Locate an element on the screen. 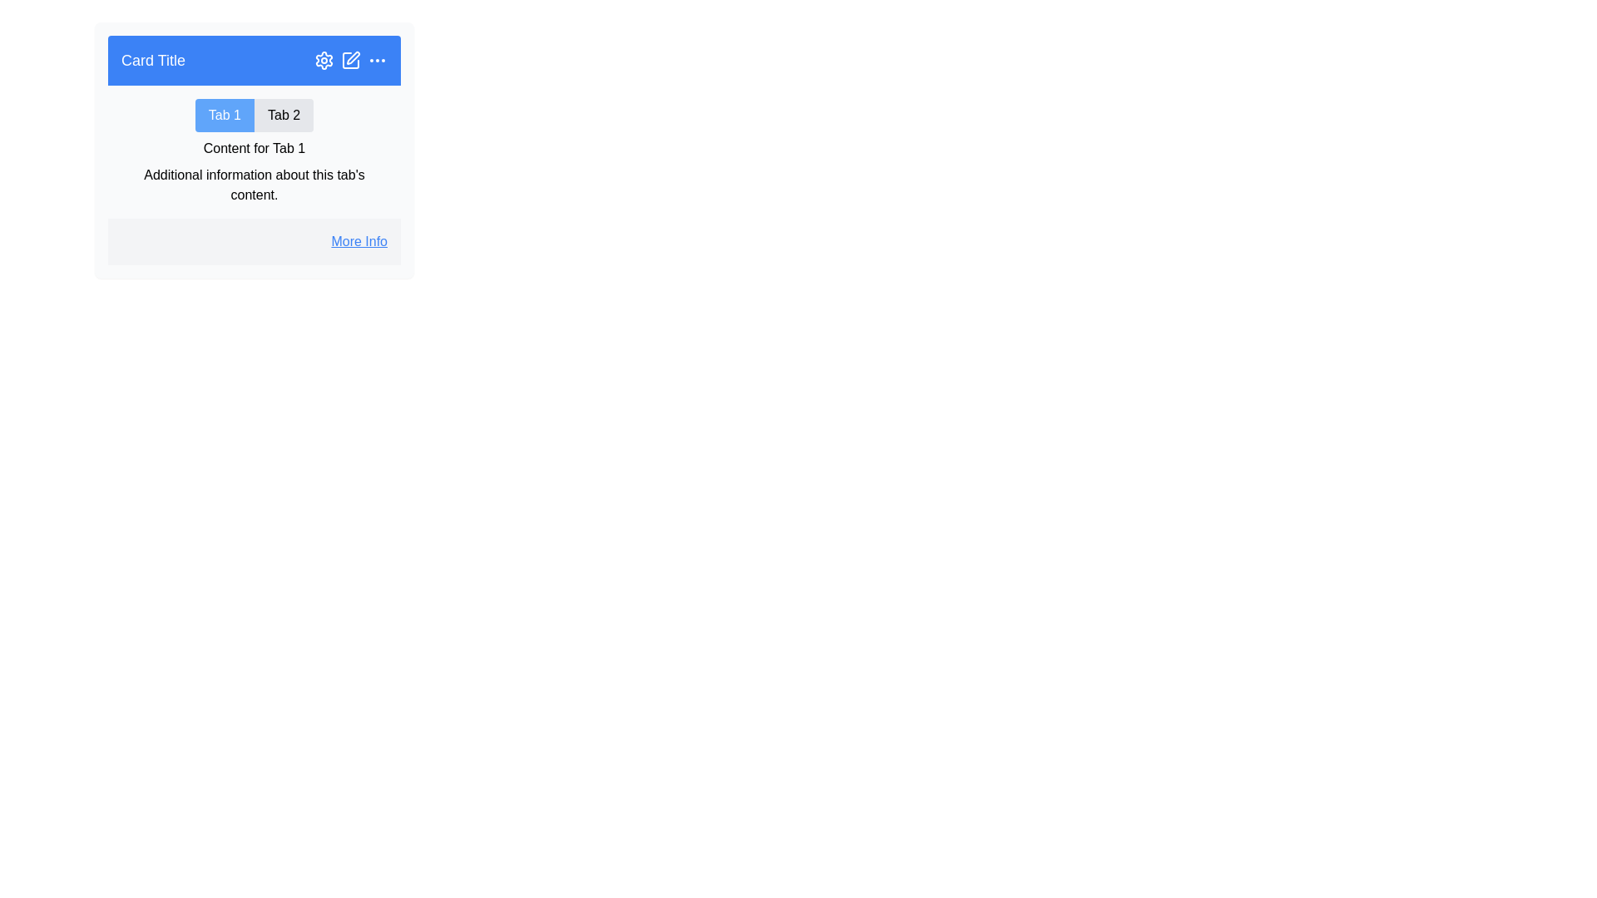 The height and width of the screenshot is (898, 1597). the gear-shaped icon button located in the header section of the card component, which is the second icon from the left in a group of three icons is located at coordinates (324, 60).